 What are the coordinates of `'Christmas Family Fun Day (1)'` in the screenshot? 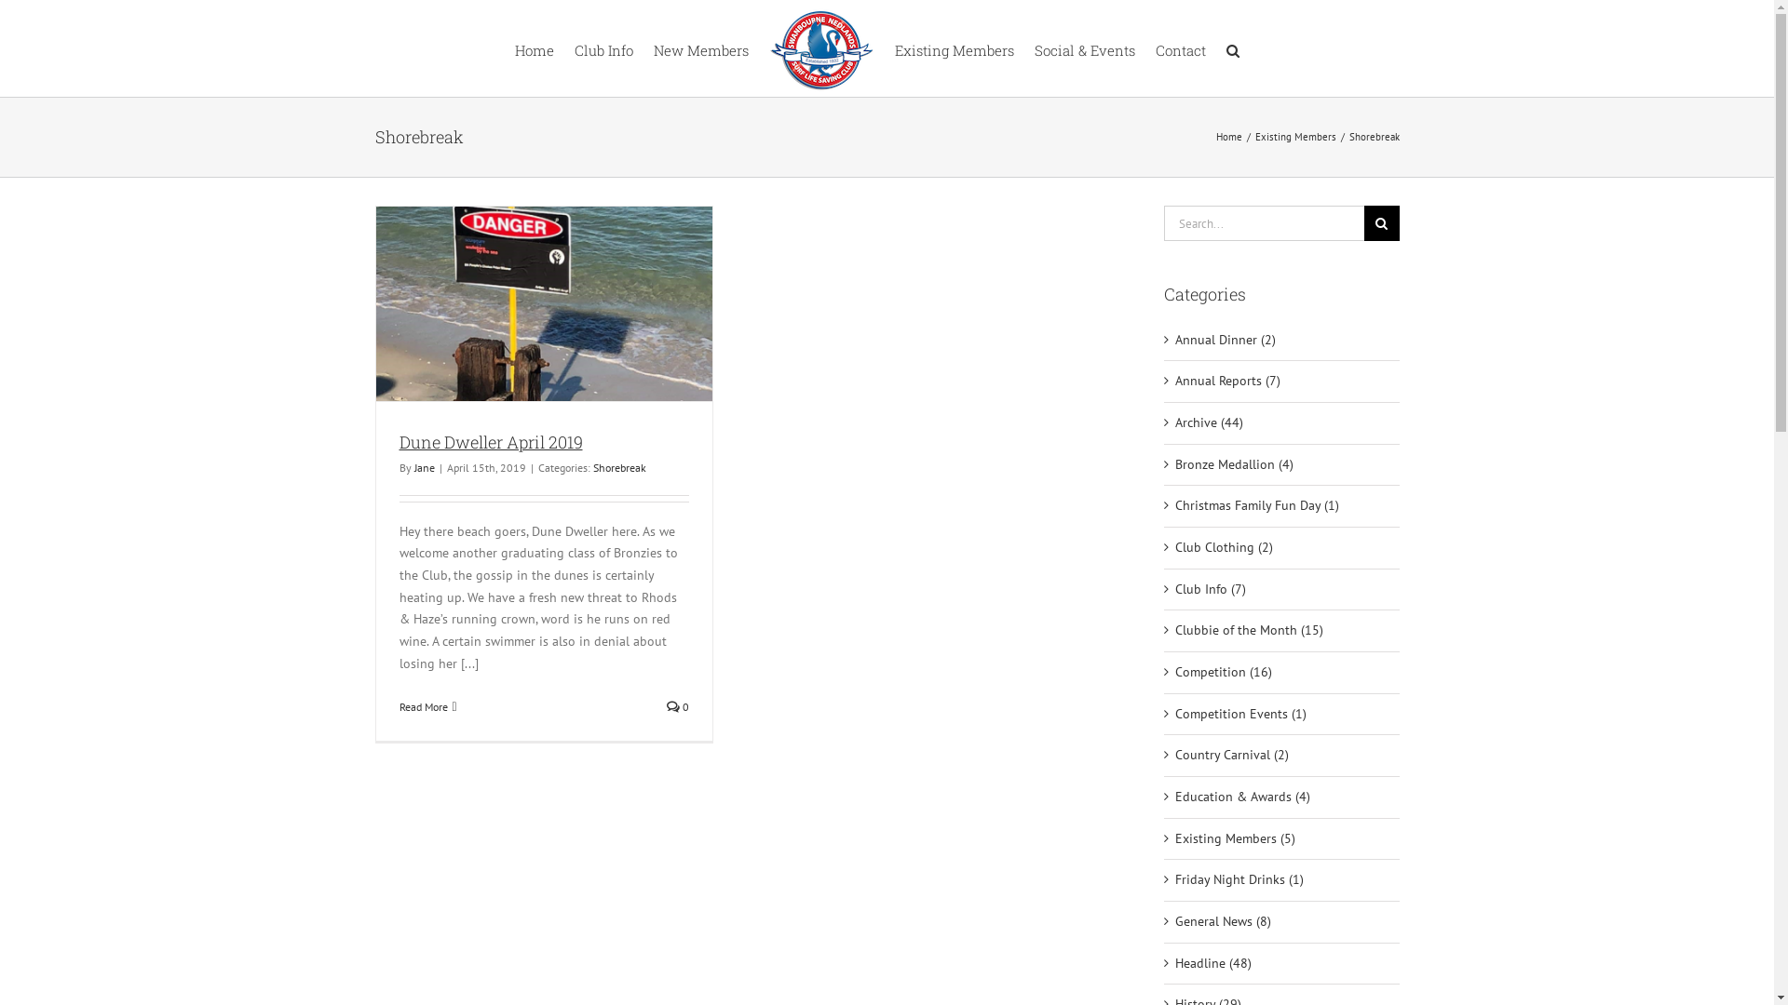 It's located at (1281, 505).